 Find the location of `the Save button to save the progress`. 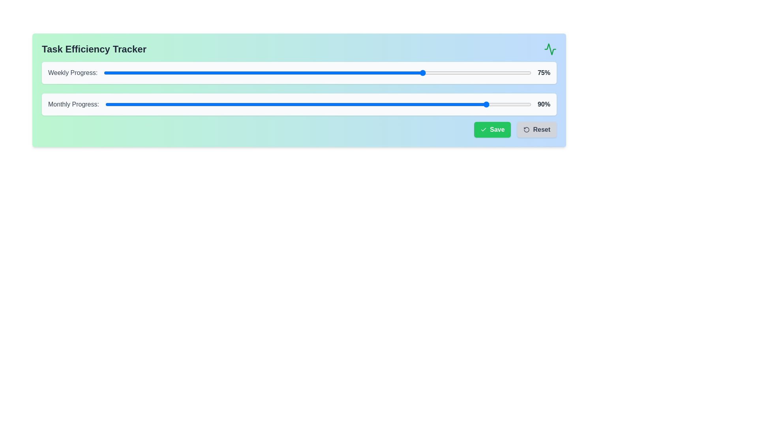

the Save button to save the progress is located at coordinates (492, 129).